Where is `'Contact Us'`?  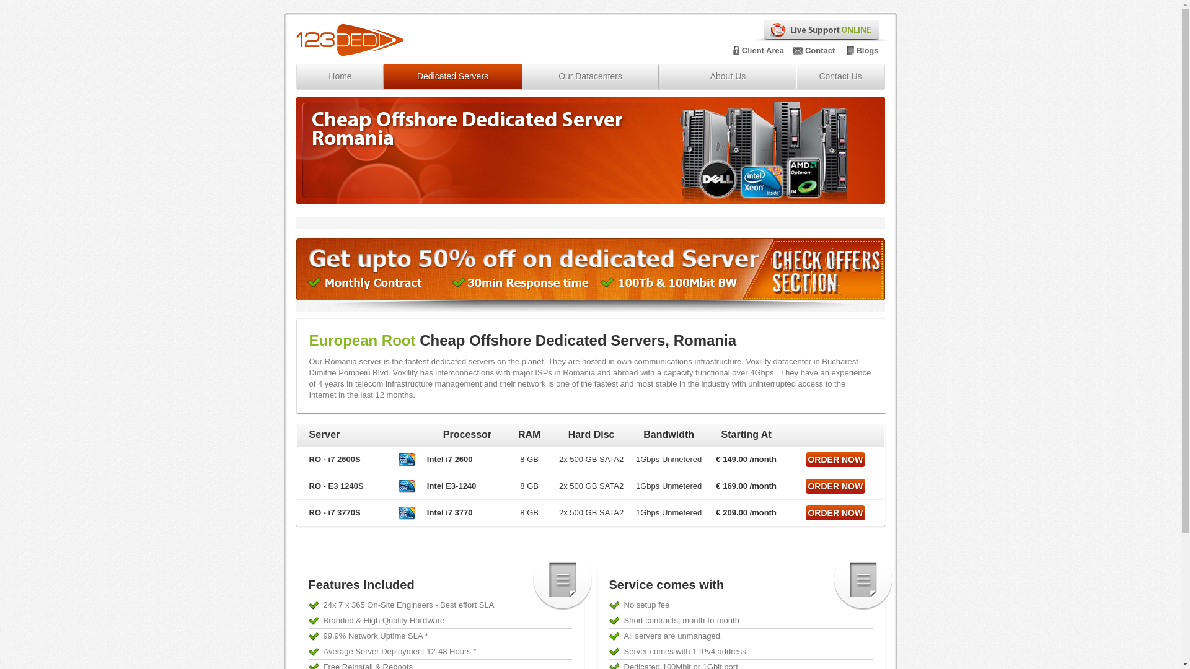 'Contact Us' is located at coordinates (797, 76).